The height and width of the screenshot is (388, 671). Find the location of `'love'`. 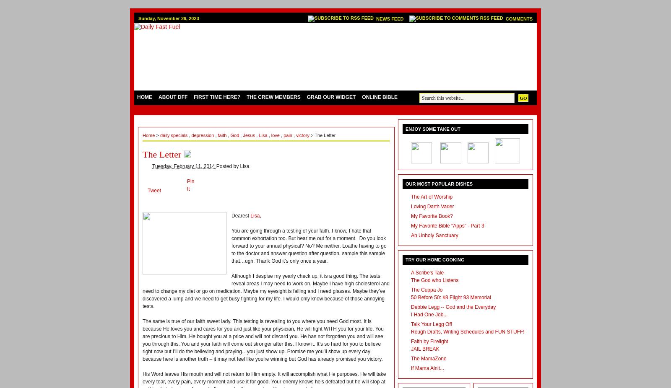

'love' is located at coordinates (276, 135).